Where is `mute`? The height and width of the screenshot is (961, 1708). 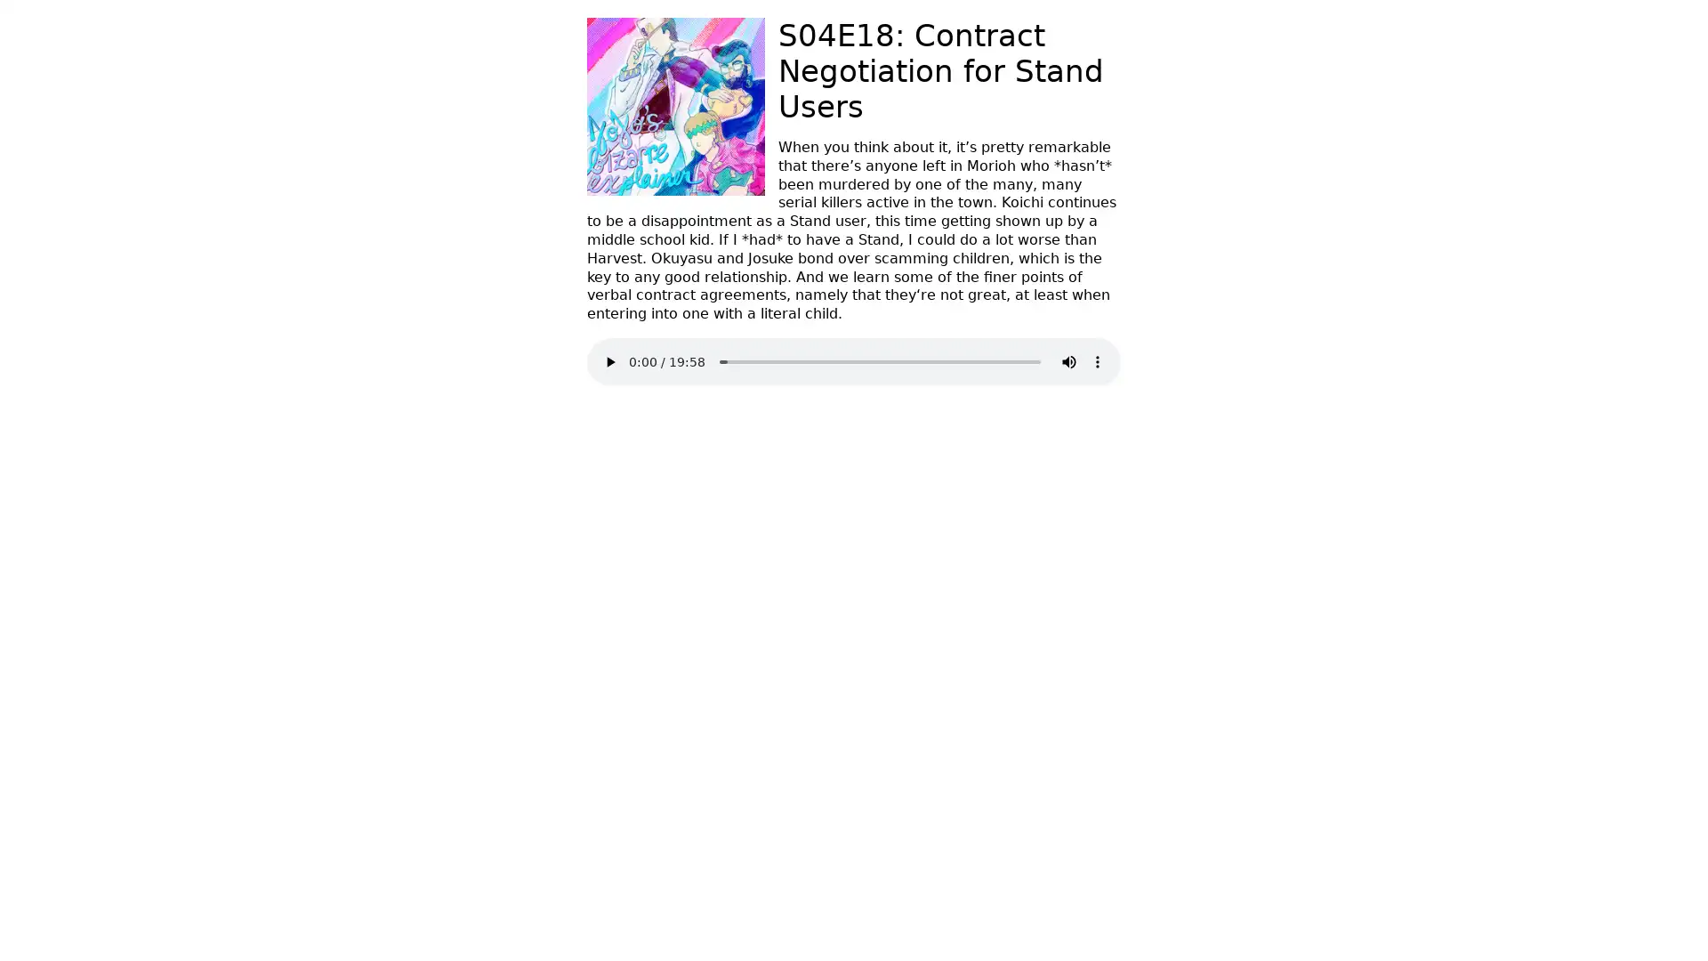 mute is located at coordinates (1067, 360).